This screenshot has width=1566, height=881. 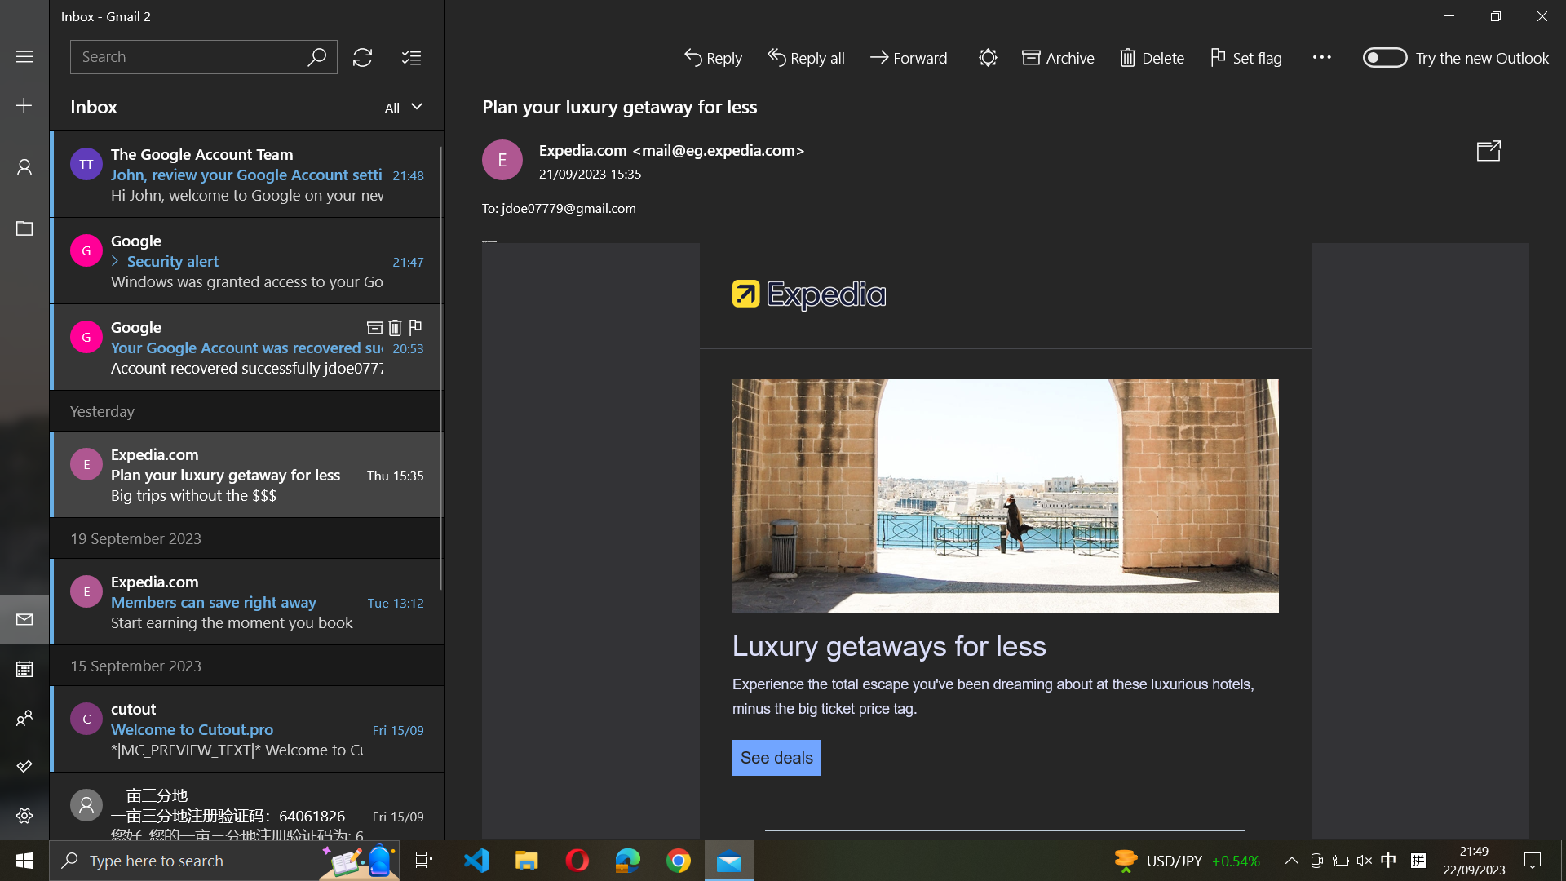 I want to click on settings application, so click(x=24, y=817).